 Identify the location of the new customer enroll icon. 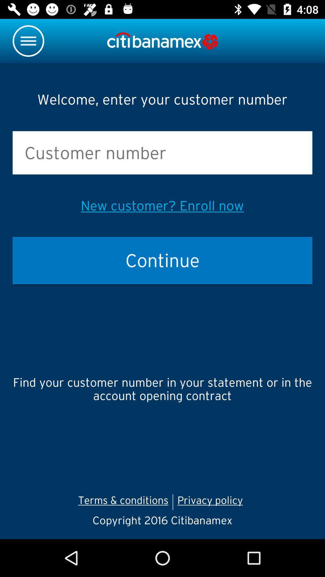
(162, 206).